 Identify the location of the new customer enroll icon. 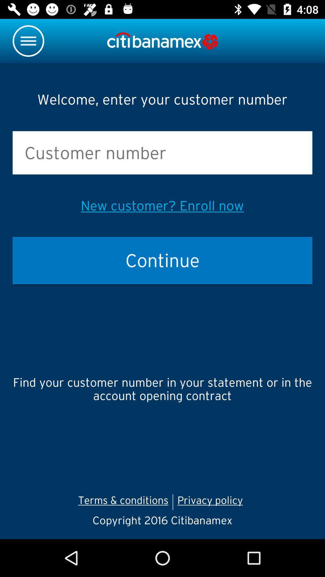
(162, 206).